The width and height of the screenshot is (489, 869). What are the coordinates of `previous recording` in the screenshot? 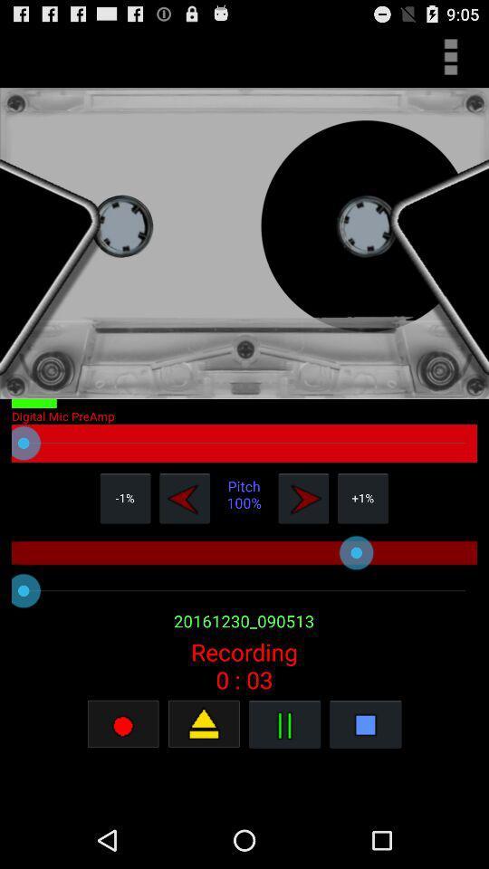 It's located at (184, 498).